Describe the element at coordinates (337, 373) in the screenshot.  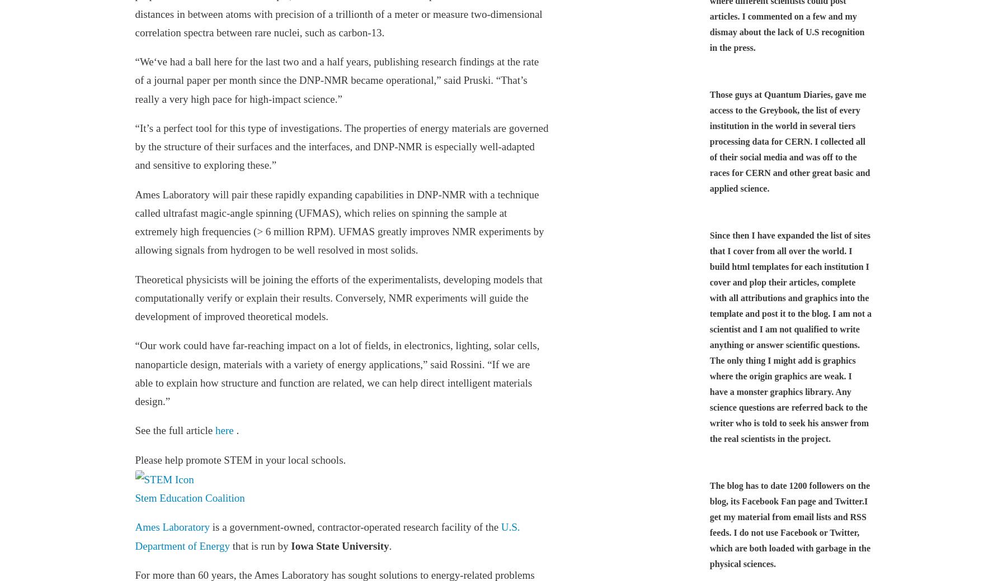
I see `'“Our work could have far-reaching impact on a lot of fields, in electronics, lighting, solar cells, nanoparticle design, materials with a variety of energy applications,” said Rossini. “If we are able to explain how structure and function are related, we can help direct intelligent materials design.”'` at that location.